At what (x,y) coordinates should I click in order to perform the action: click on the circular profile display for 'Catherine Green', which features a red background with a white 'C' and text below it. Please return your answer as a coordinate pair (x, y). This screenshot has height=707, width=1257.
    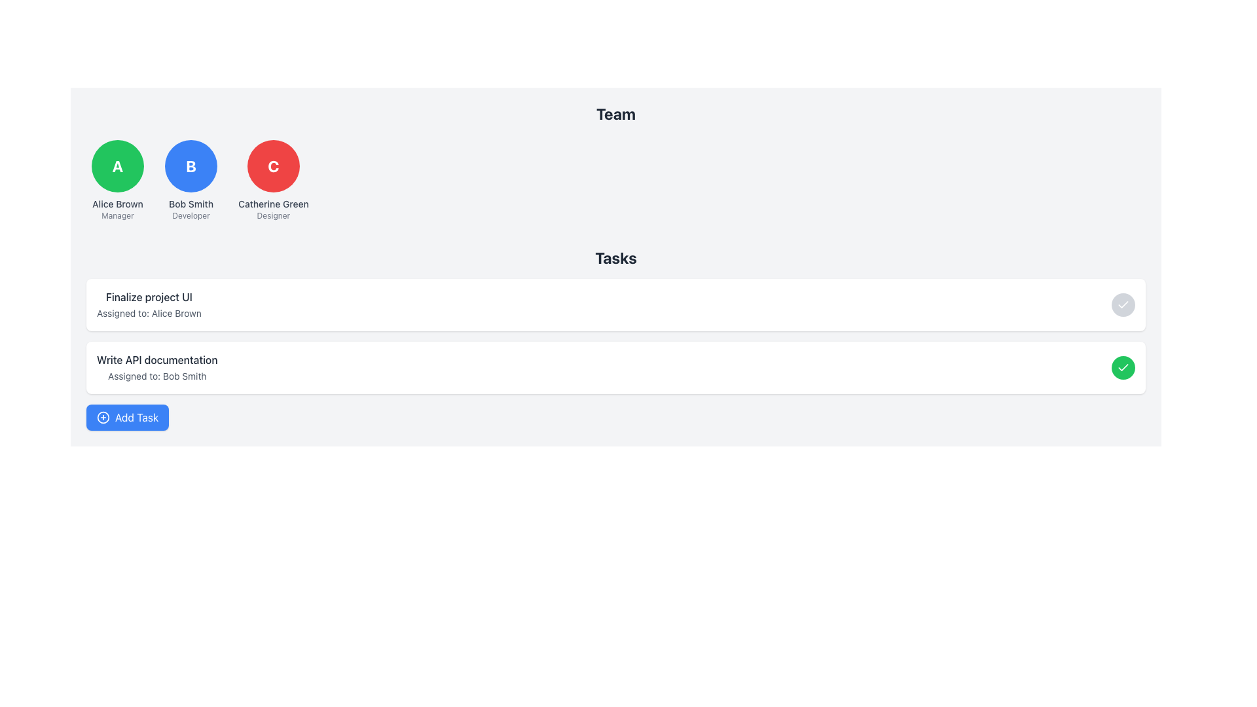
    Looking at the image, I should click on (272, 181).